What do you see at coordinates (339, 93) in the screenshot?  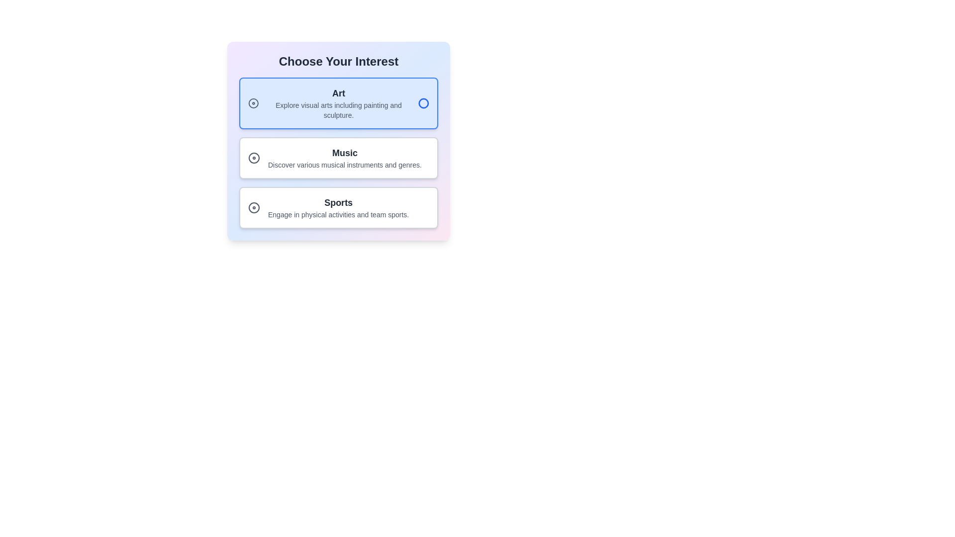 I see `the 'Art' text label, which serves as the title for the 'Art' option in the selection interface` at bounding box center [339, 93].